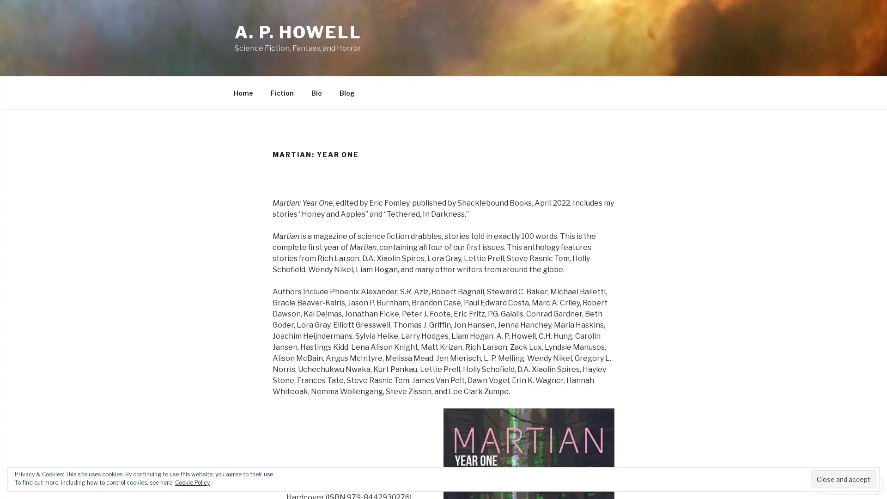  Describe the element at coordinates (843, 479) in the screenshot. I see `Close and accept` at that location.